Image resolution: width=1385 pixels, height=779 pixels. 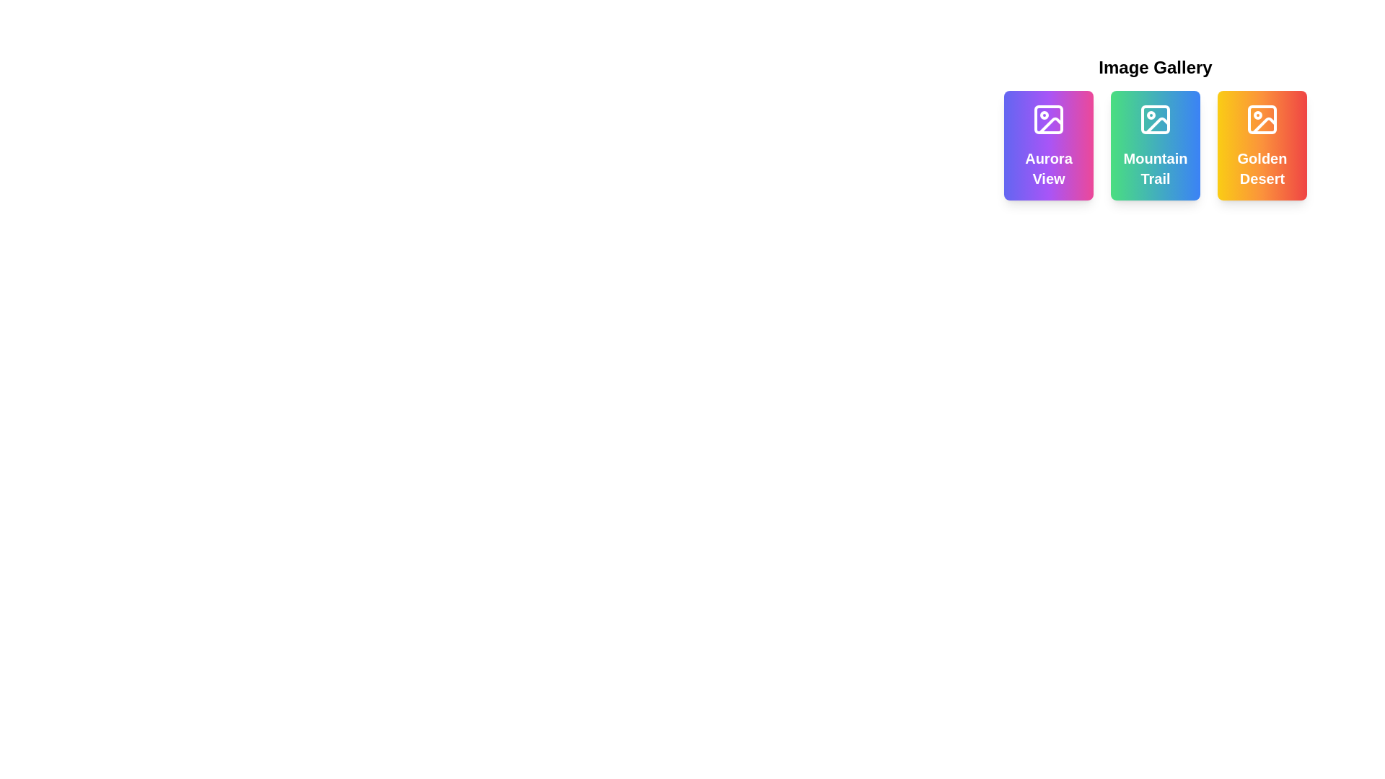 What do you see at coordinates (1156, 118) in the screenshot?
I see `the monochromatic icon representing a picture located at the top center of the 'Mountain Trail' card, above the text label` at bounding box center [1156, 118].